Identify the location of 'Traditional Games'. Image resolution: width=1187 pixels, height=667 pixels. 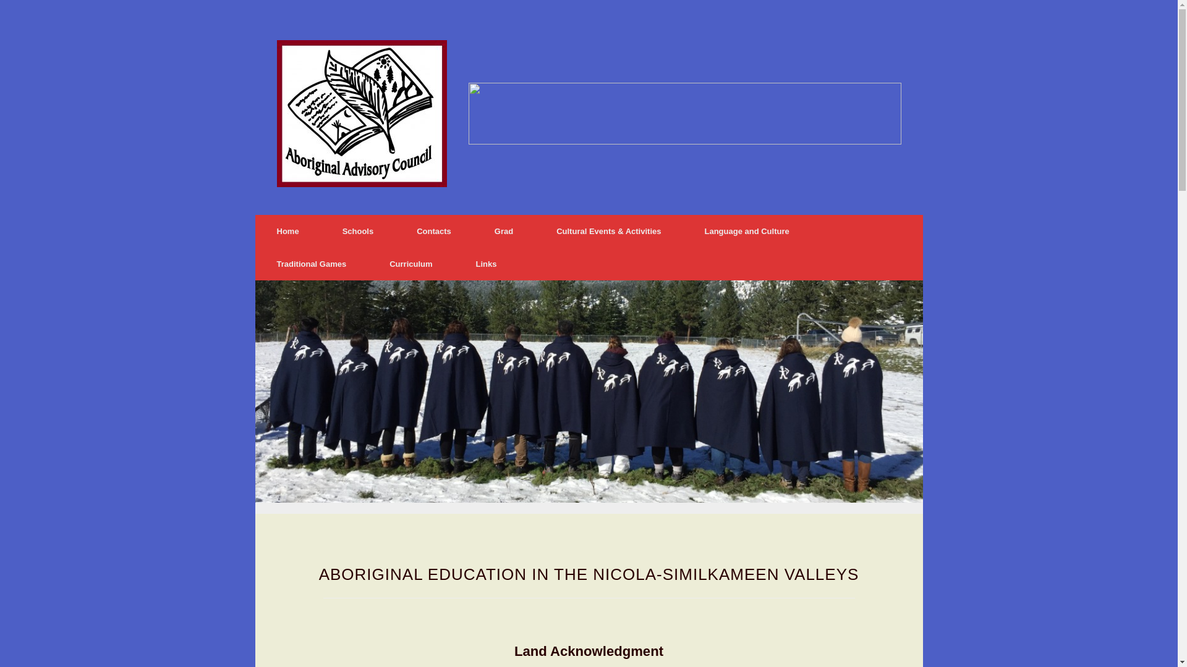
(311, 263).